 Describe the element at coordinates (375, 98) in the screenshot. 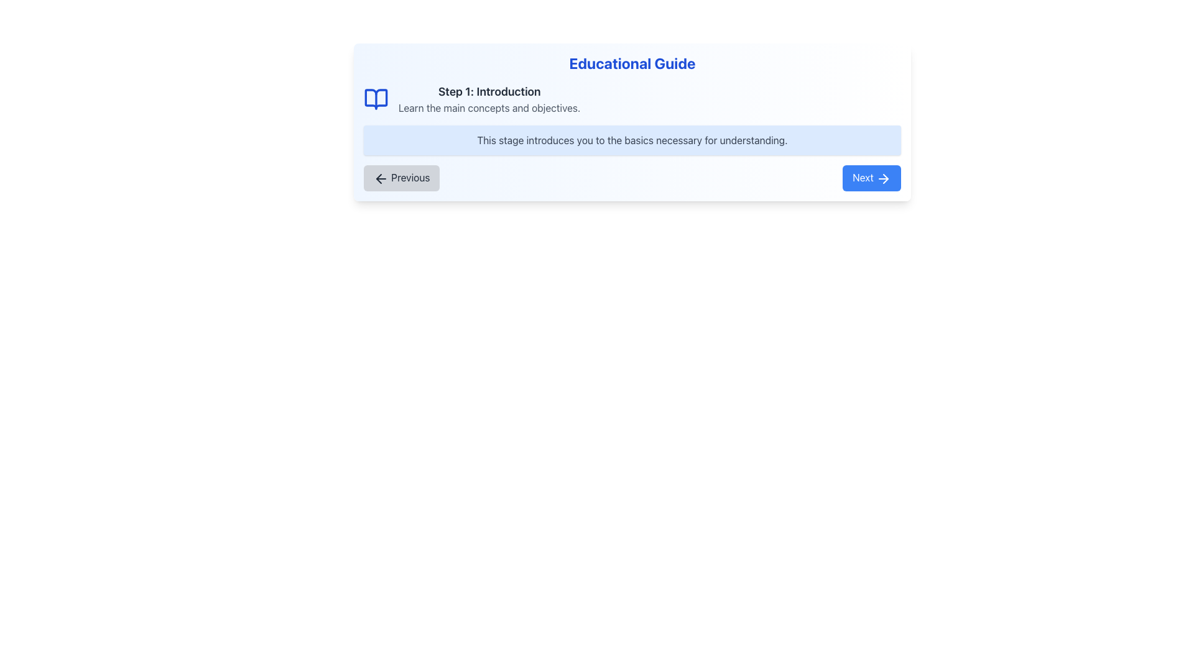

I see `the right half of the open book icon, which is styled in blue and located next to the 'Educational Guide' text in the top left corner of the interface` at that location.